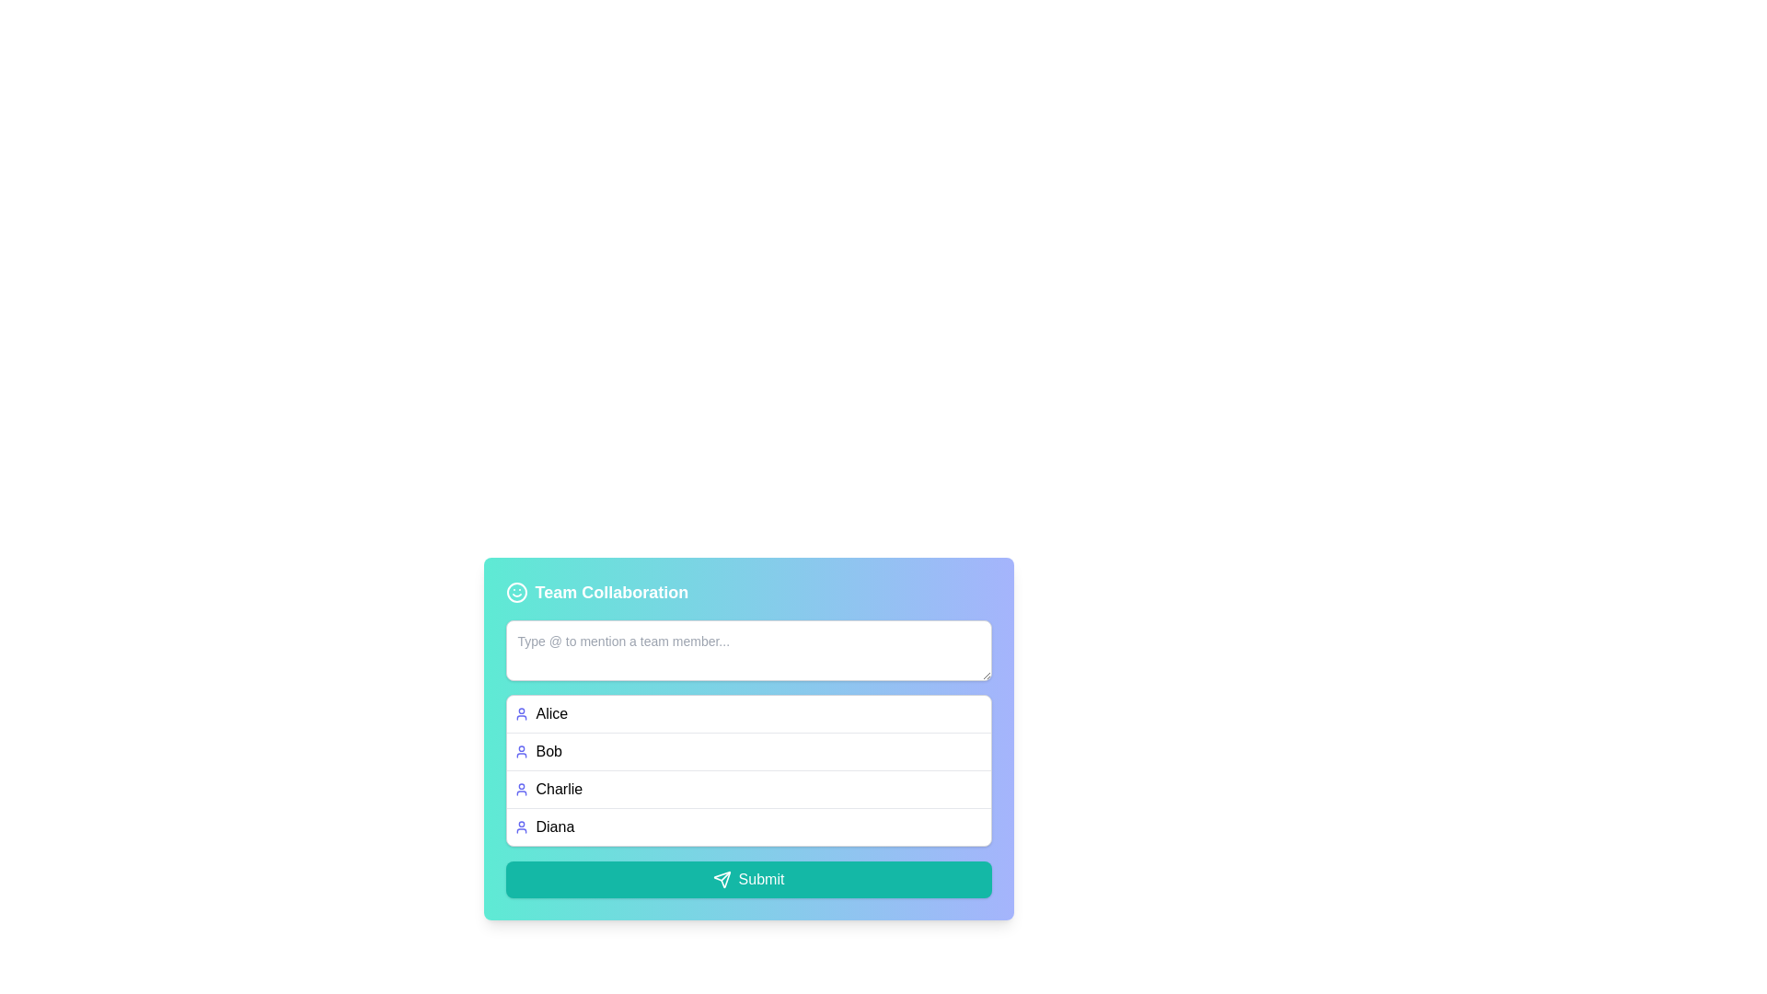 The image size is (1767, 994). I want to click on the list item that identifies the user named 'Bob', so click(748, 737).